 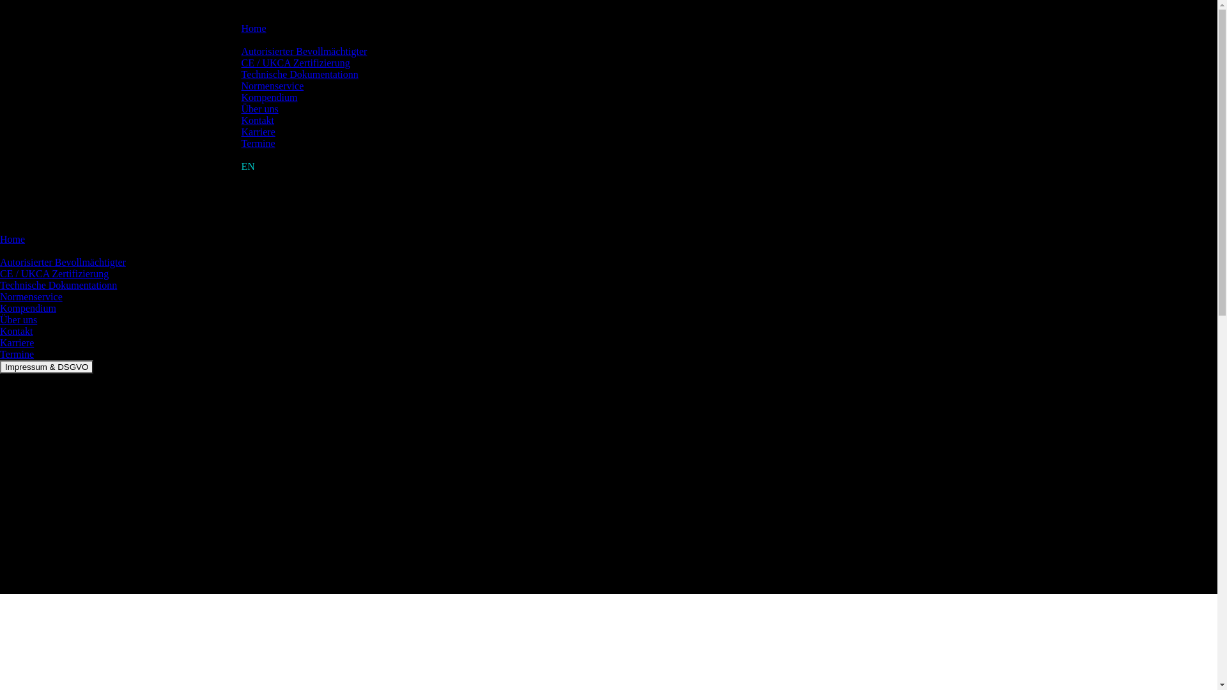 I want to click on 'Normenservice', so click(x=31, y=296).